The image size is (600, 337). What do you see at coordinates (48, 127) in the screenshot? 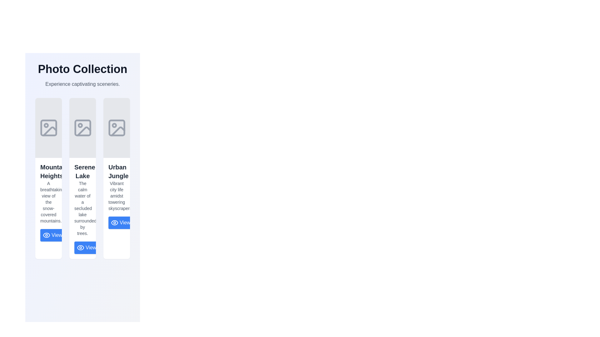
I see `the Decorative SVG rectangle at the top-left corner of the 'Mountain Heights' card, which serves as a decorative placeholder for an image icon` at bounding box center [48, 127].